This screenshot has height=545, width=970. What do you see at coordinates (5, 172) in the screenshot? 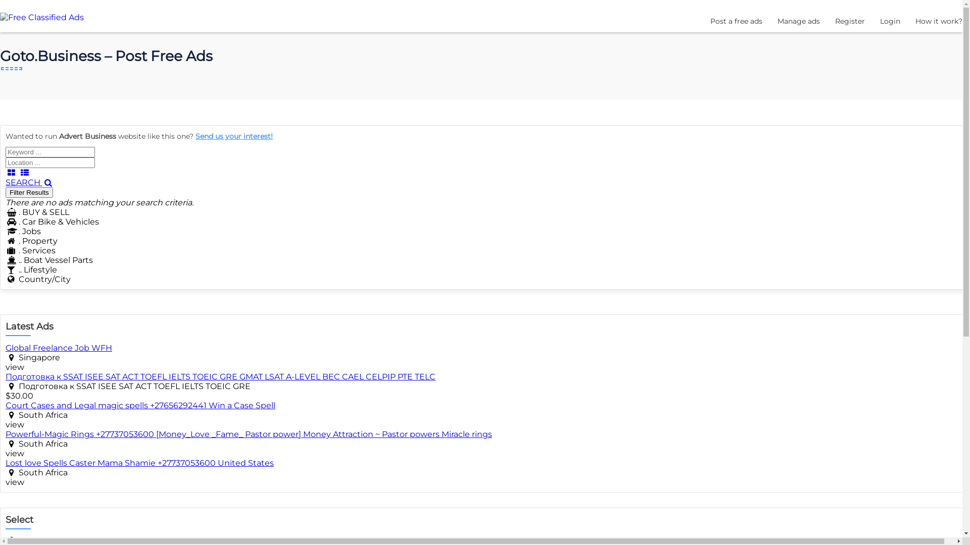
I see `'Grid'` at bounding box center [5, 172].